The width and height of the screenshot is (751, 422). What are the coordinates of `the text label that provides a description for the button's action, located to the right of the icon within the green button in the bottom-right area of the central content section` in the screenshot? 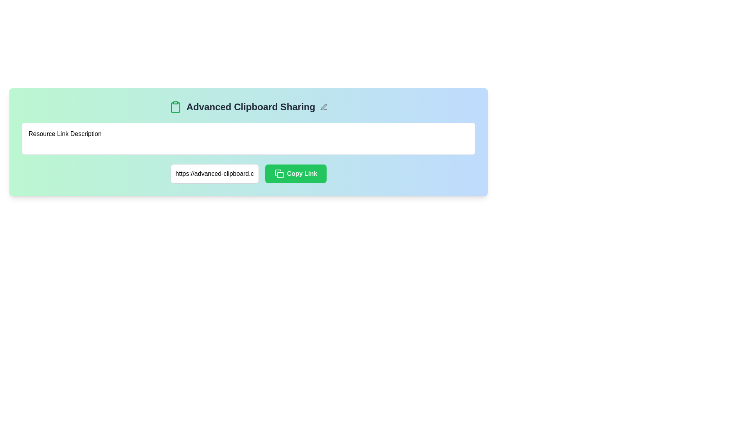 It's located at (302, 173).